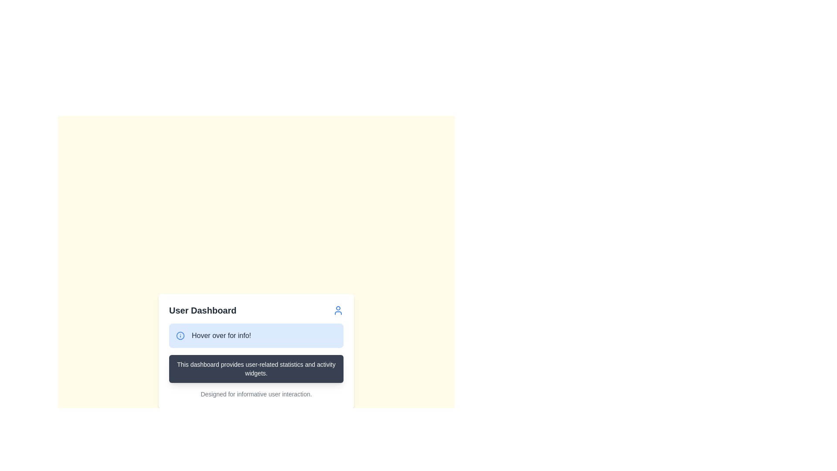 The height and width of the screenshot is (471, 837). Describe the element at coordinates (202, 310) in the screenshot. I see `the 'User Dashboard' text label, which is a bold, extra-large dark gray title positioned towards the top left of the interface` at that location.